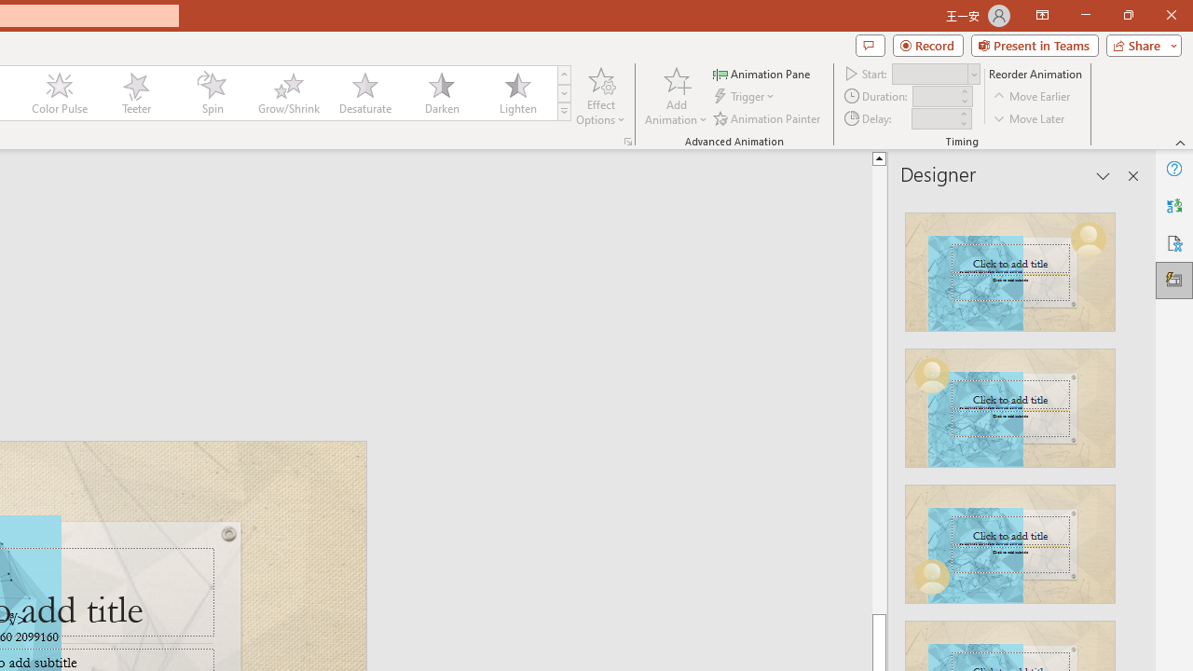 This screenshot has width=1193, height=671. I want to click on 'Trigger', so click(746, 96).